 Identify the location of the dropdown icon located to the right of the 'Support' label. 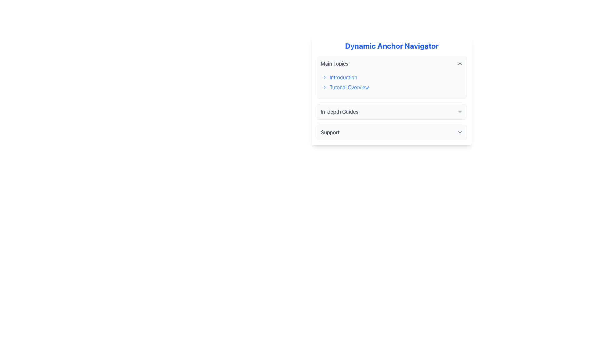
(460, 132).